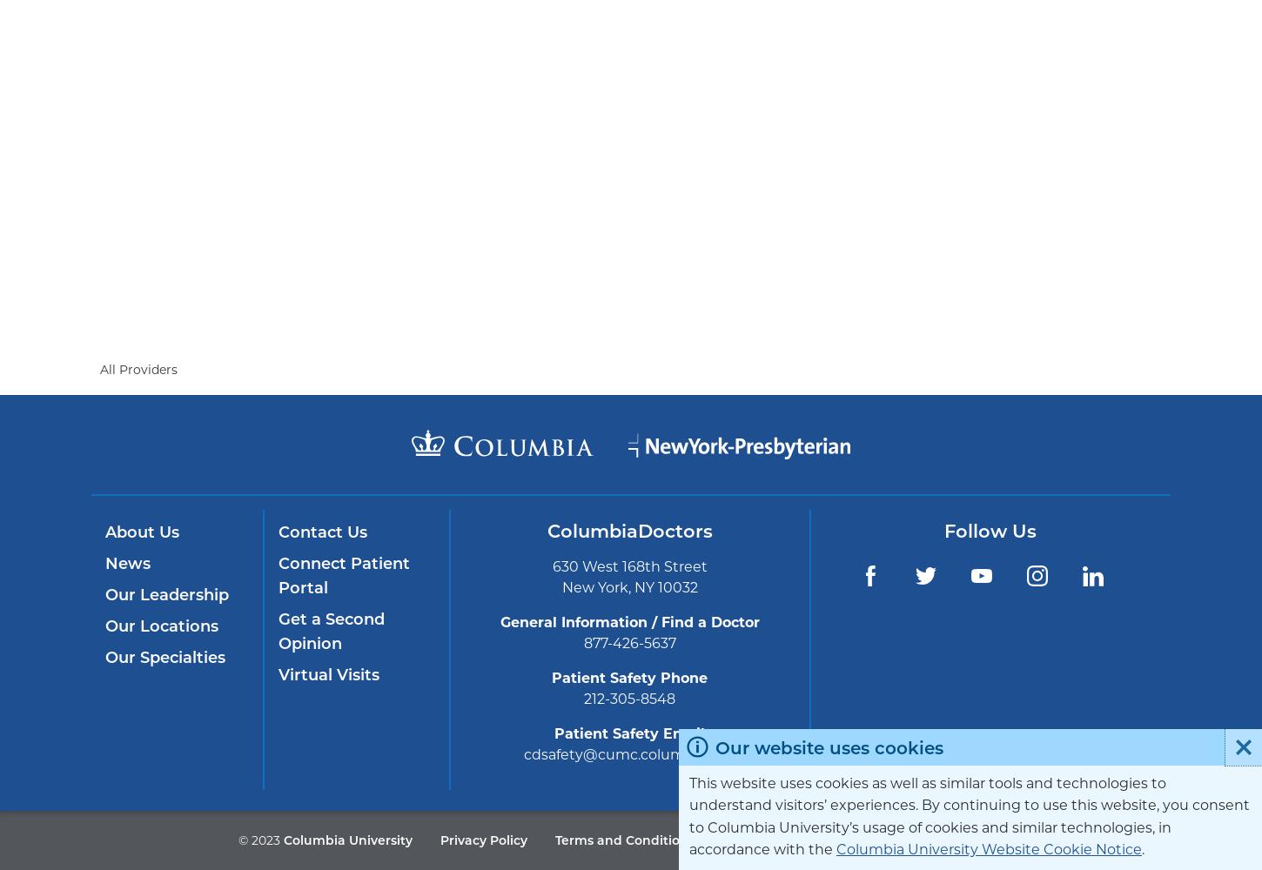  Describe the element at coordinates (278, 576) in the screenshot. I see `'Connect Patient Portal'` at that location.